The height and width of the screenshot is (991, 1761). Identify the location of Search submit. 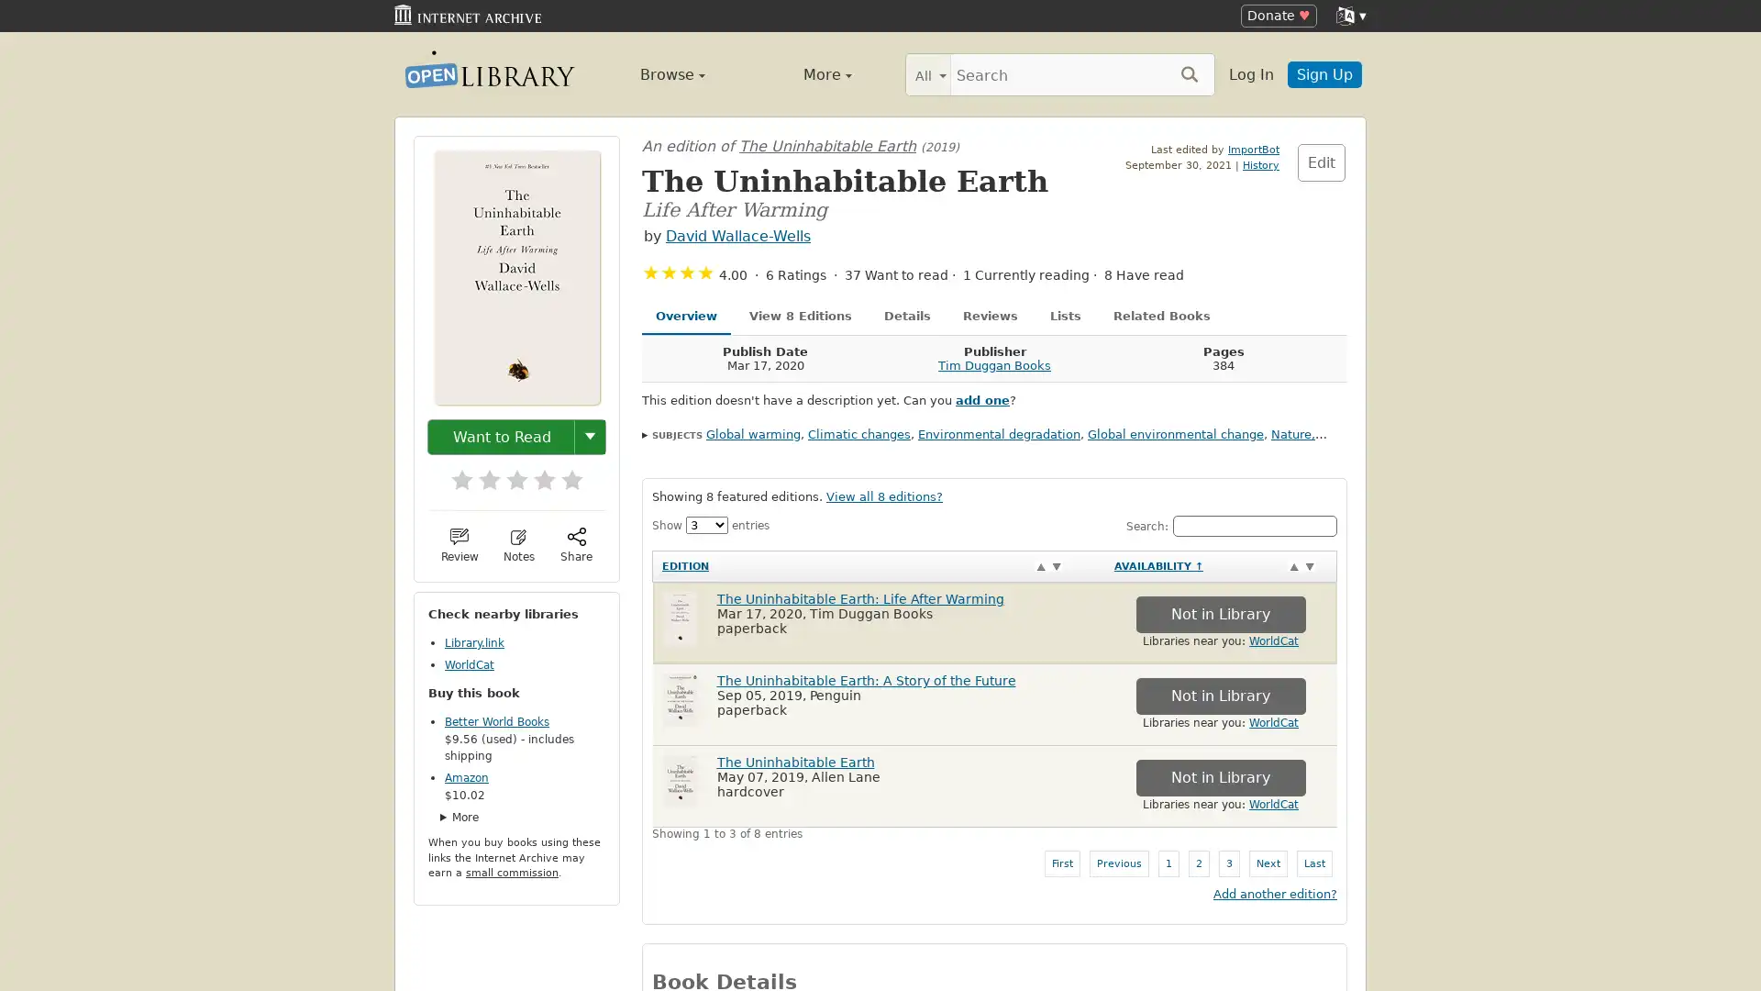
(1189, 72).